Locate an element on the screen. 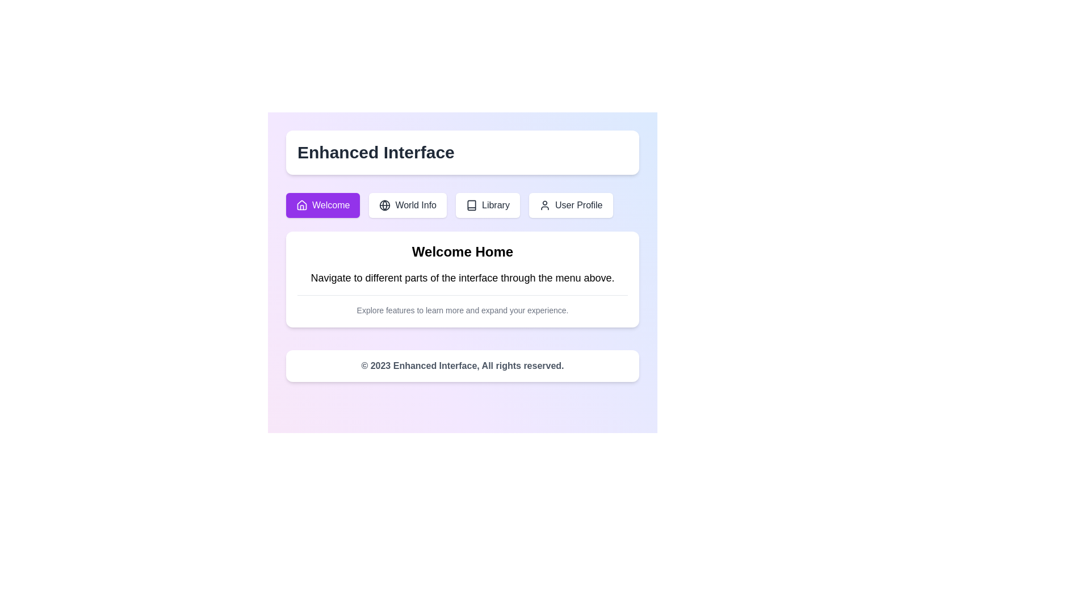 This screenshot has width=1090, height=613. the 'Welcome' button, which is a purple rectangular button with white text and a house icon, using keyboard navigation is located at coordinates (322, 205).